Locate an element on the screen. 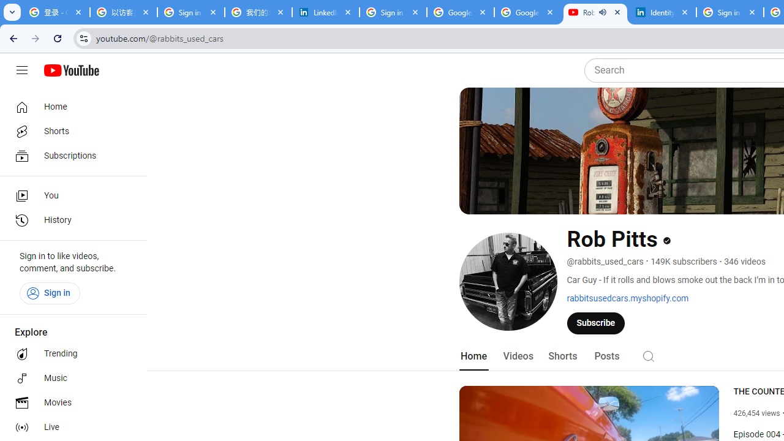 The width and height of the screenshot is (784, 441). 'Sign in - Google Accounts' is located at coordinates (393, 12).